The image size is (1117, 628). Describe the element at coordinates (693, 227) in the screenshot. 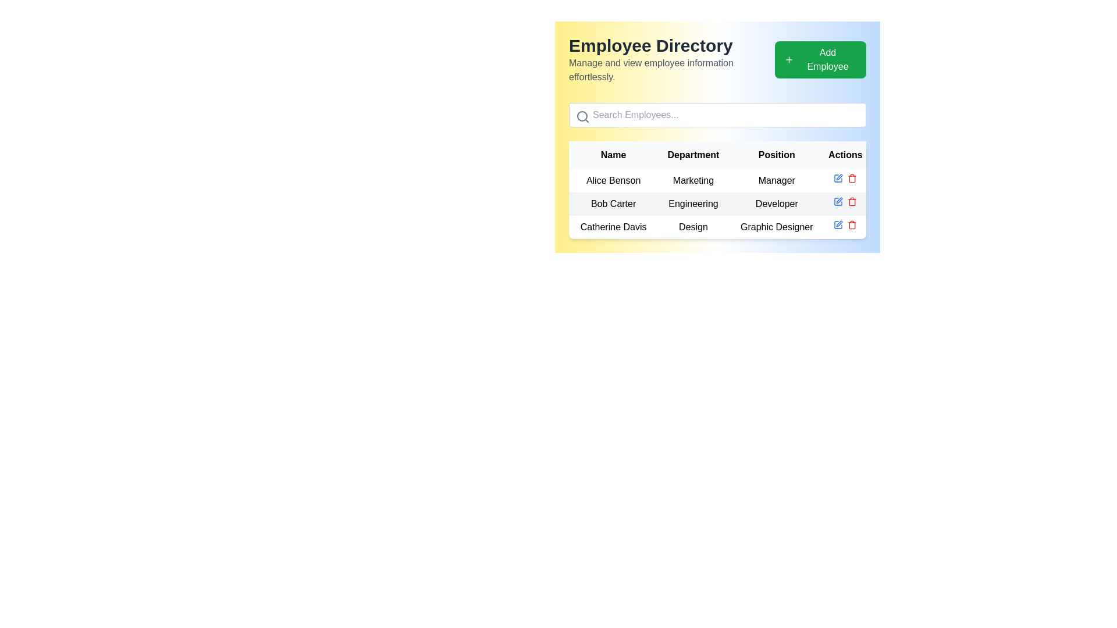

I see `the 'Design' text label in the third row and second column of the table, which corresponds to the department information for employee Catherine Davis` at that location.